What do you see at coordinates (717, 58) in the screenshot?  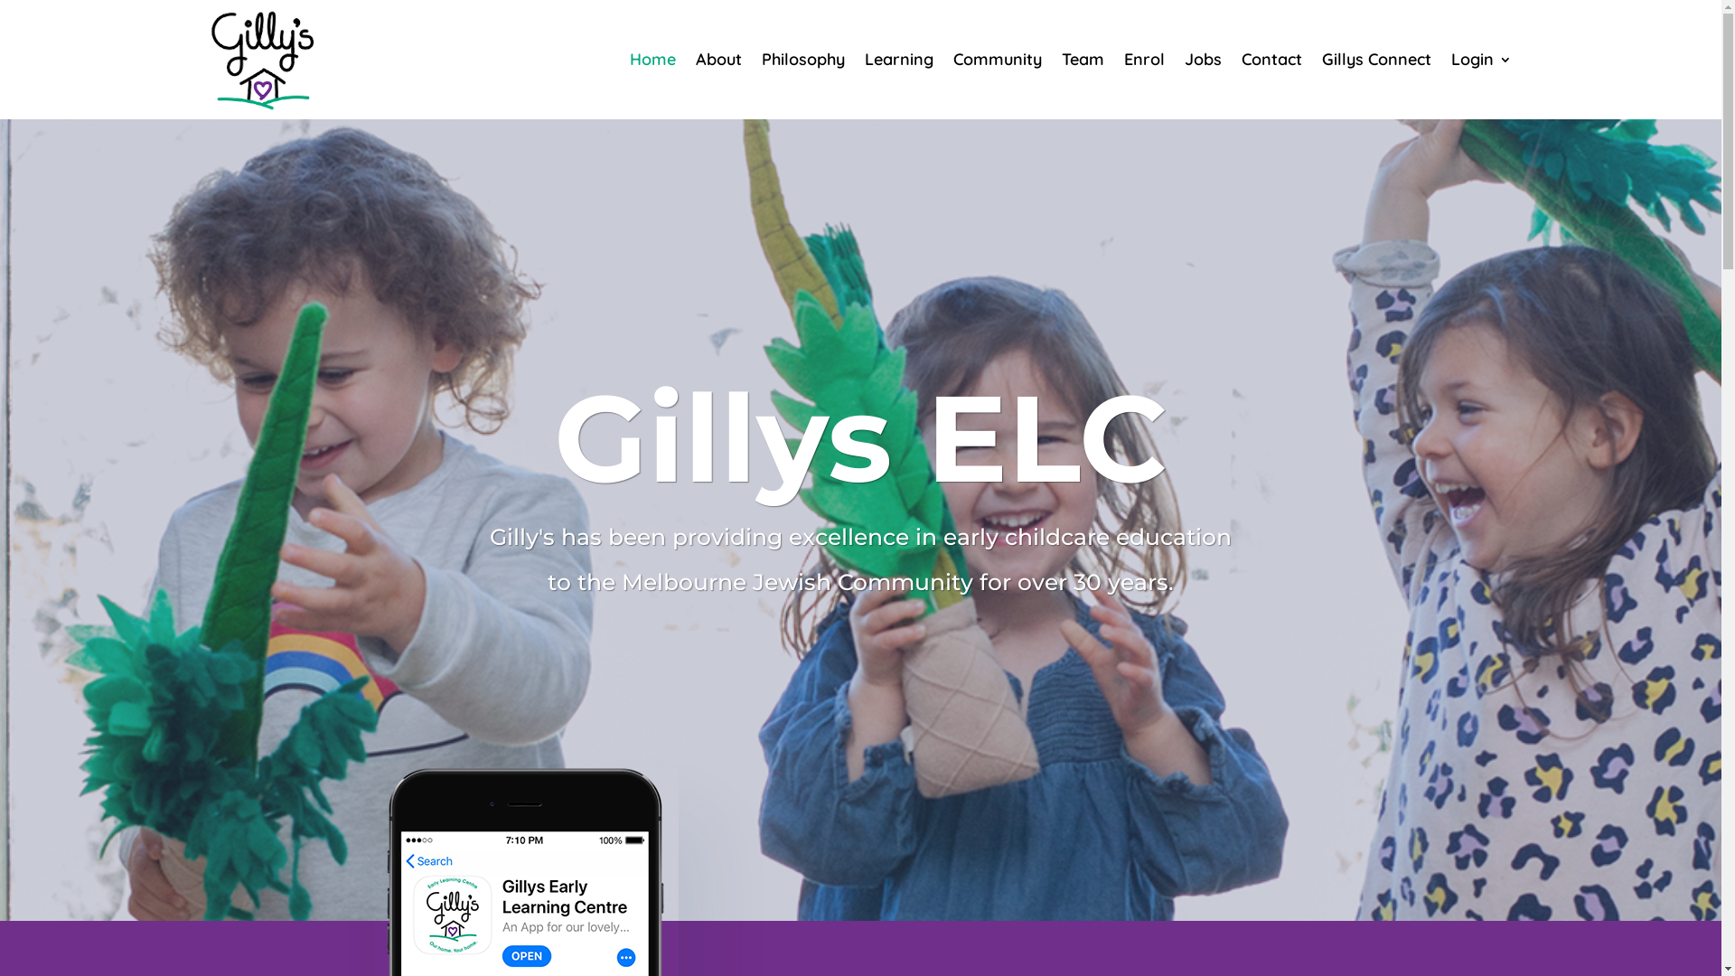 I see `'About'` at bounding box center [717, 58].